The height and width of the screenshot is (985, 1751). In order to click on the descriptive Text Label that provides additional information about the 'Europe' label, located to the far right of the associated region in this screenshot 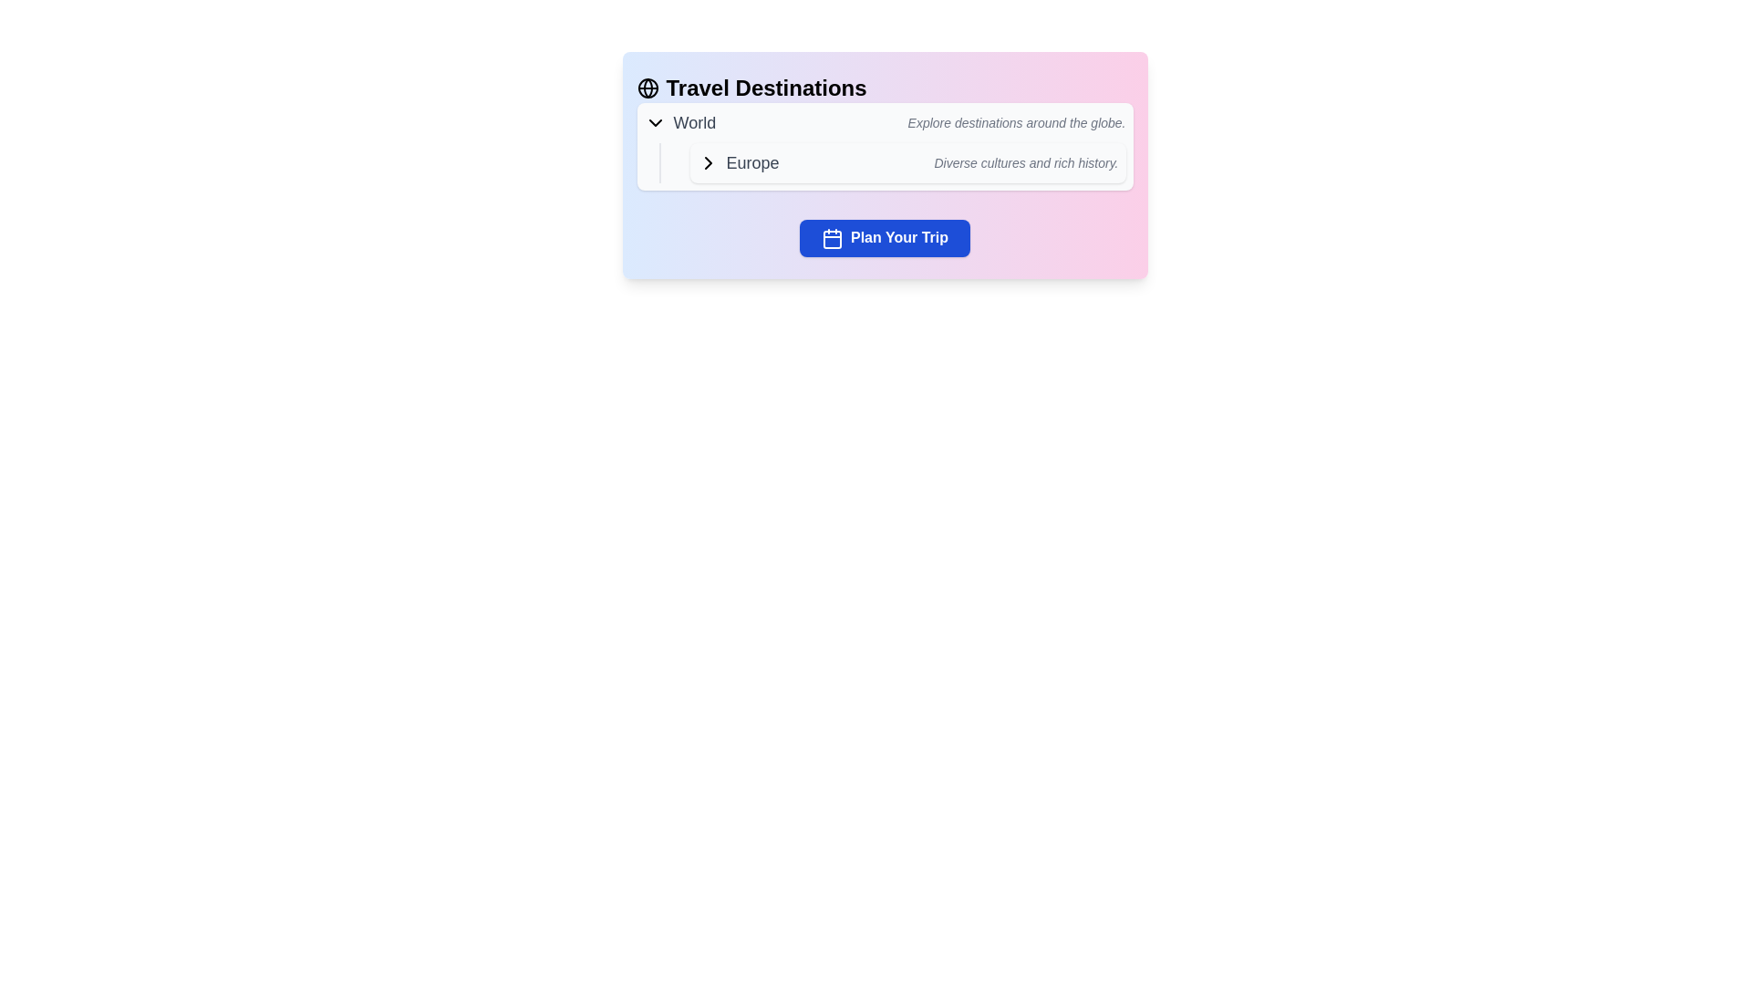, I will do `click(1026, 161)`.